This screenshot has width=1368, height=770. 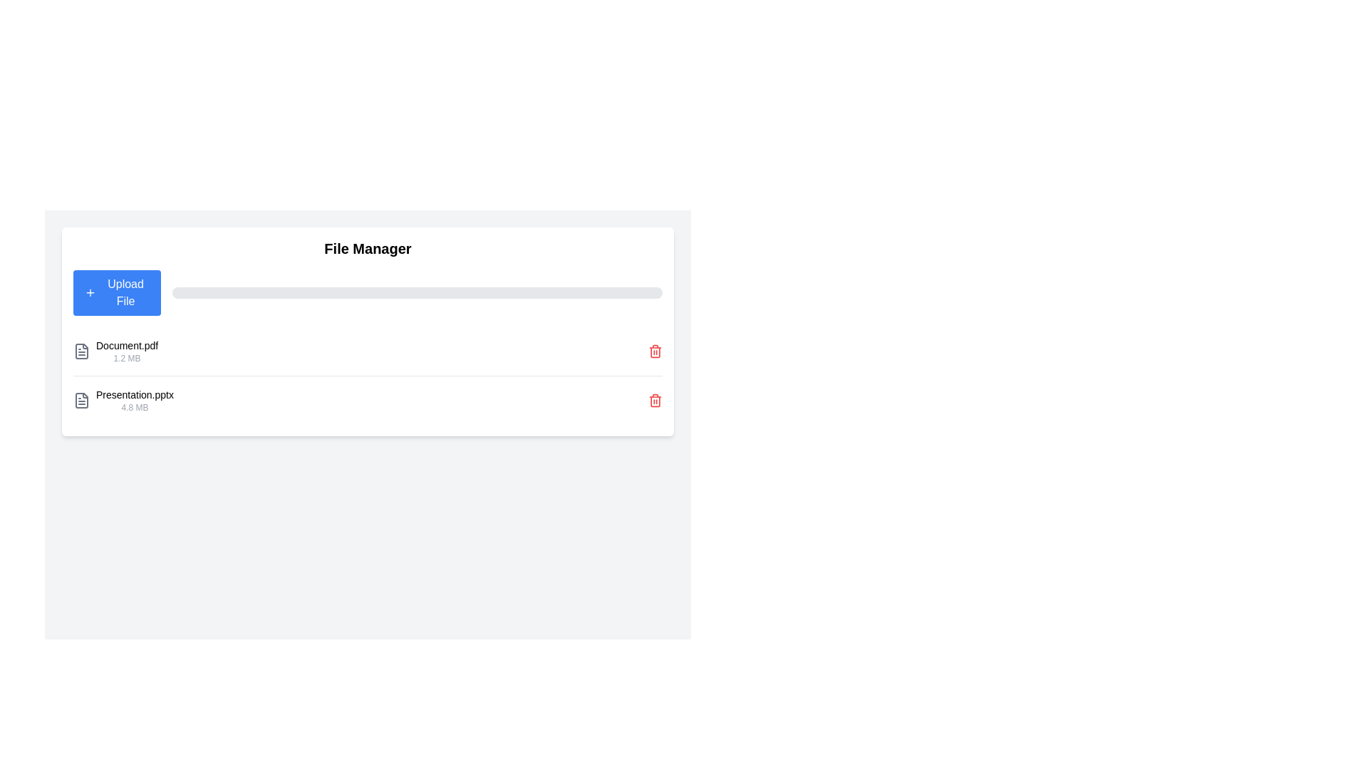 I want to click on the text display component showing 'Document.pdf' and '1.2 MB' to select it, which is, so click(x=127, y=351).